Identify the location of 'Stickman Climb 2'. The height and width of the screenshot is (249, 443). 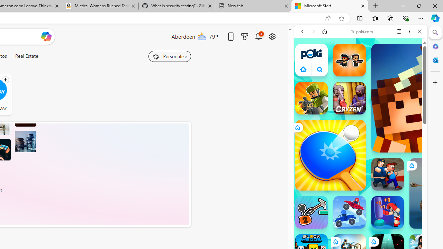
(311, 212).